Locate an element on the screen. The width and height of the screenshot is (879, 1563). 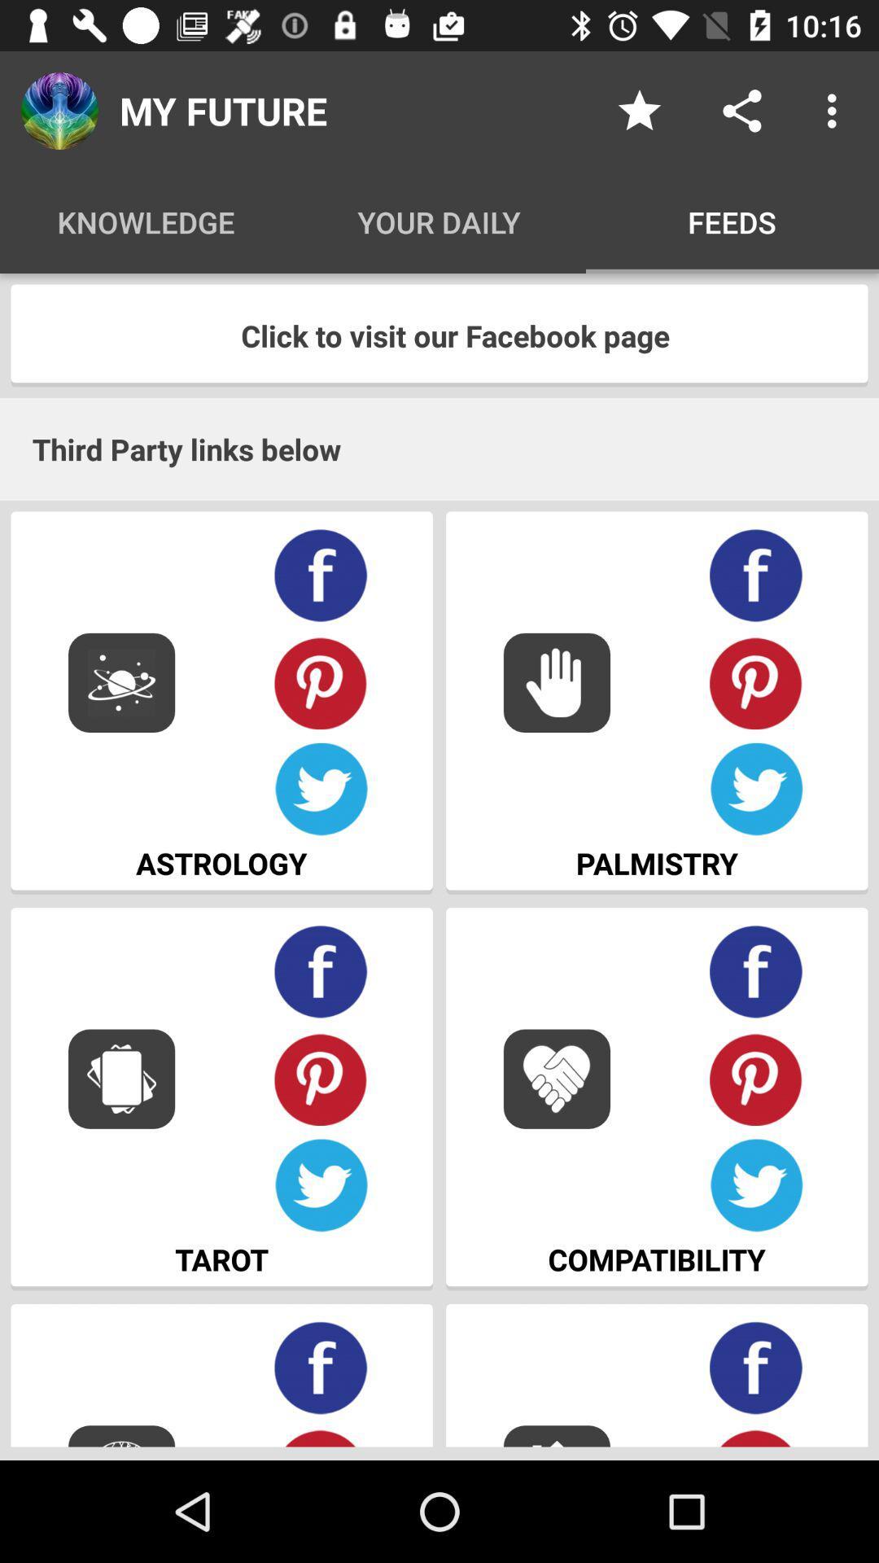
open pintrest is located at coordinates (756, 1079).